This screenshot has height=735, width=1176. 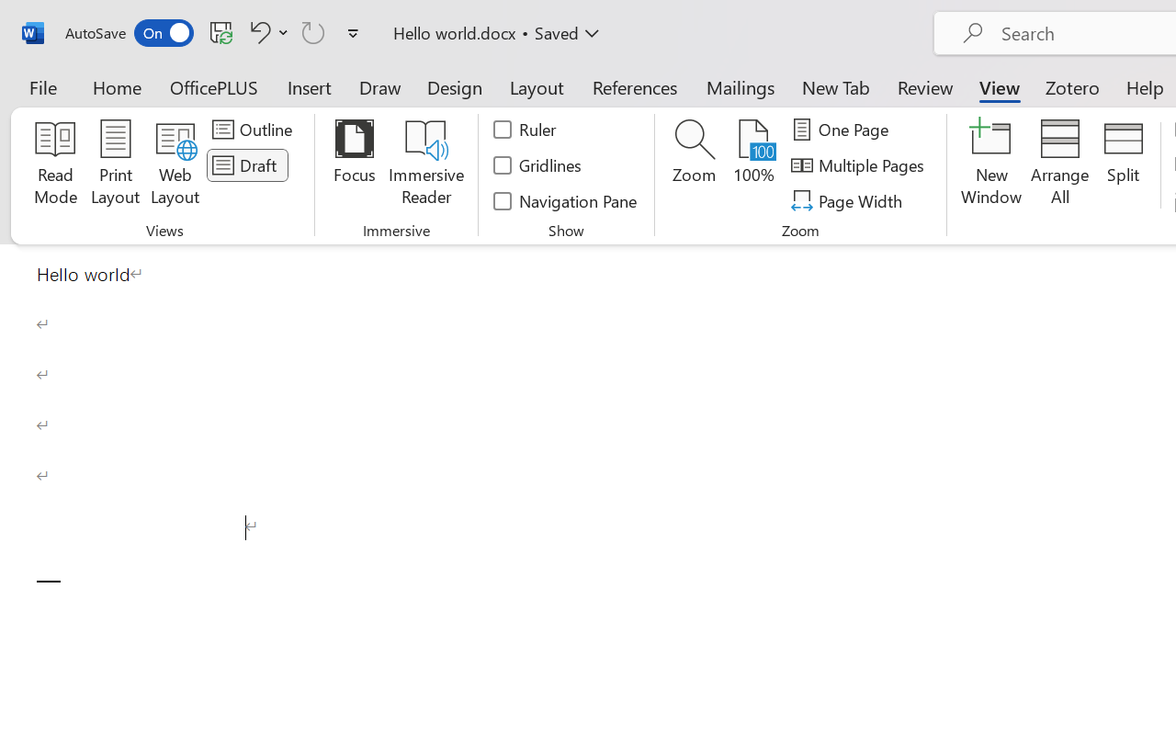 I want to click on 'Outline', so click(x=254, y=130).